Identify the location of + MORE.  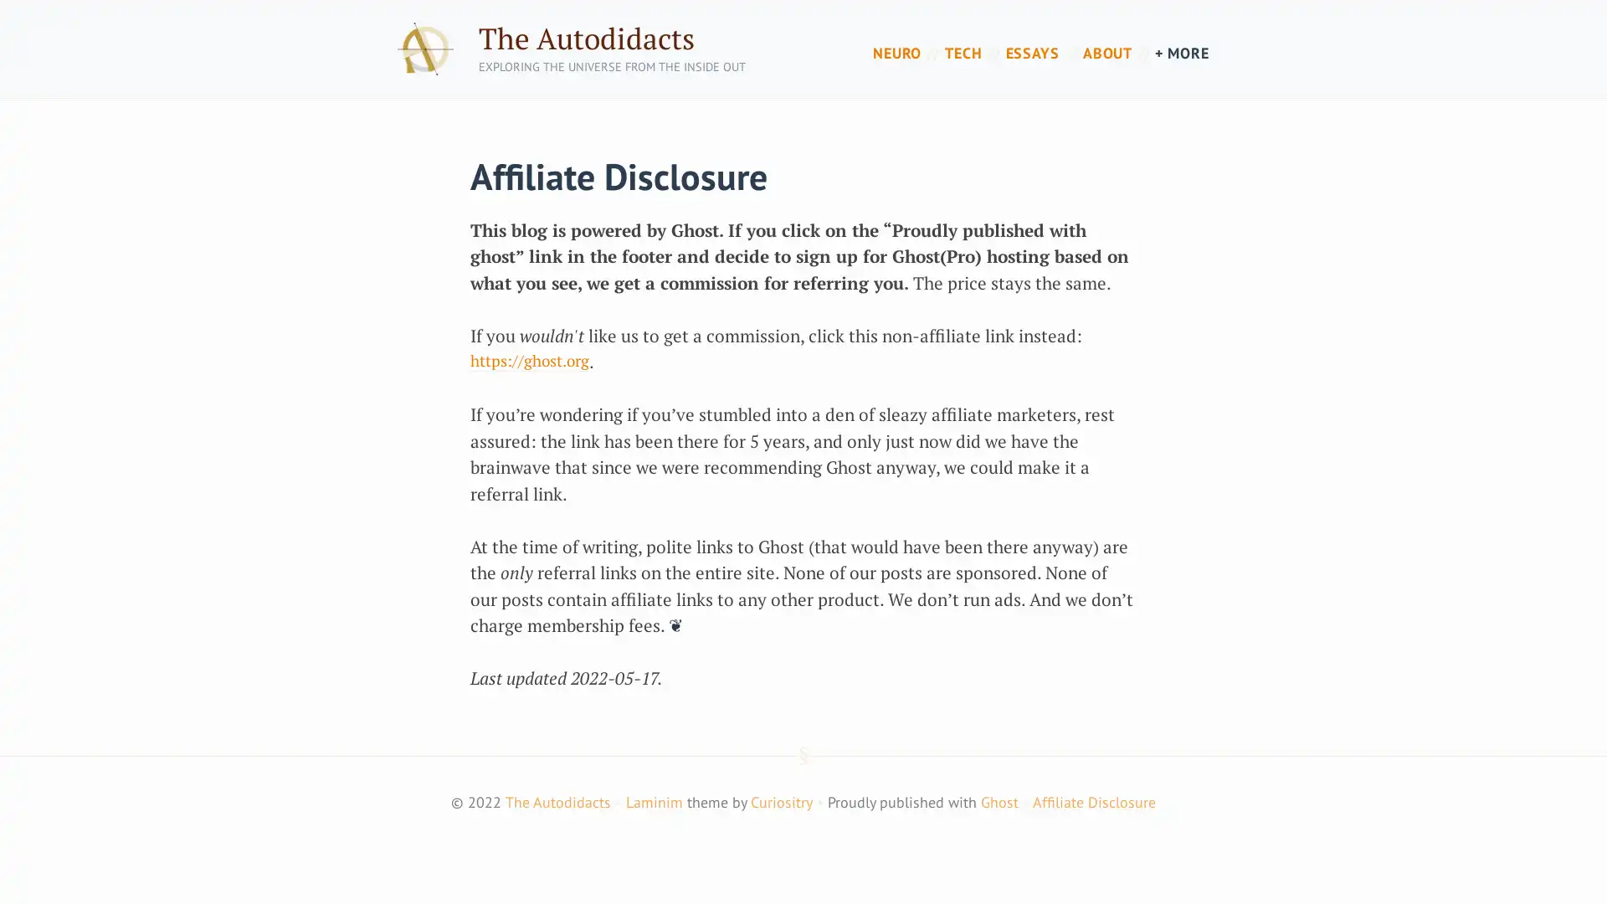
(1179, 51).